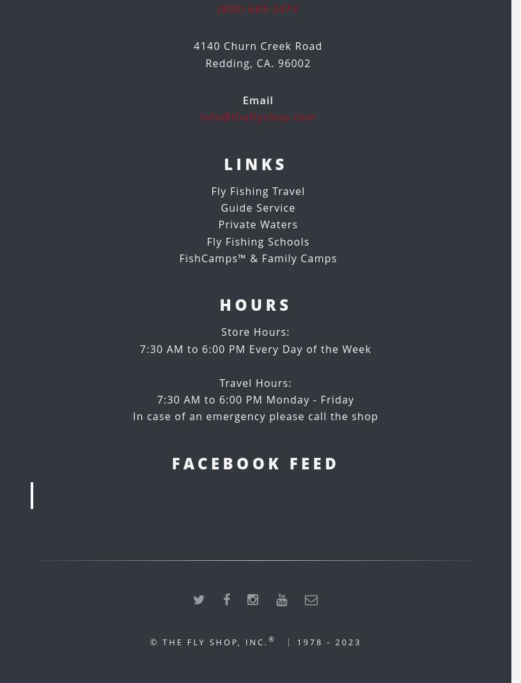 The height and width of the screenshot is (683, 521). I want to click on '© The Fly Shop, Inc.', so click(208, 642).